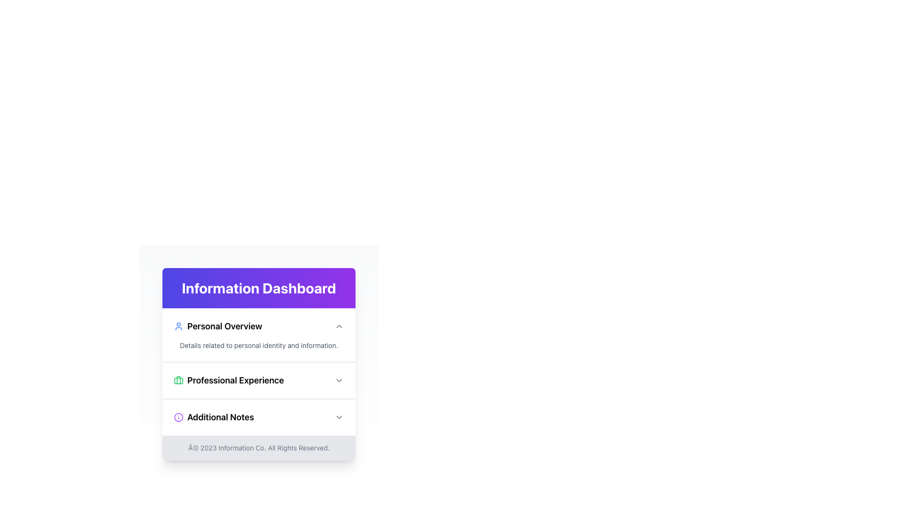 This screenshot has width=920, height=517. I want to click on the 'Personal Overview' icon located in the sidebar menu, which signifies personal identity or profile-related content, so click(179, 326).